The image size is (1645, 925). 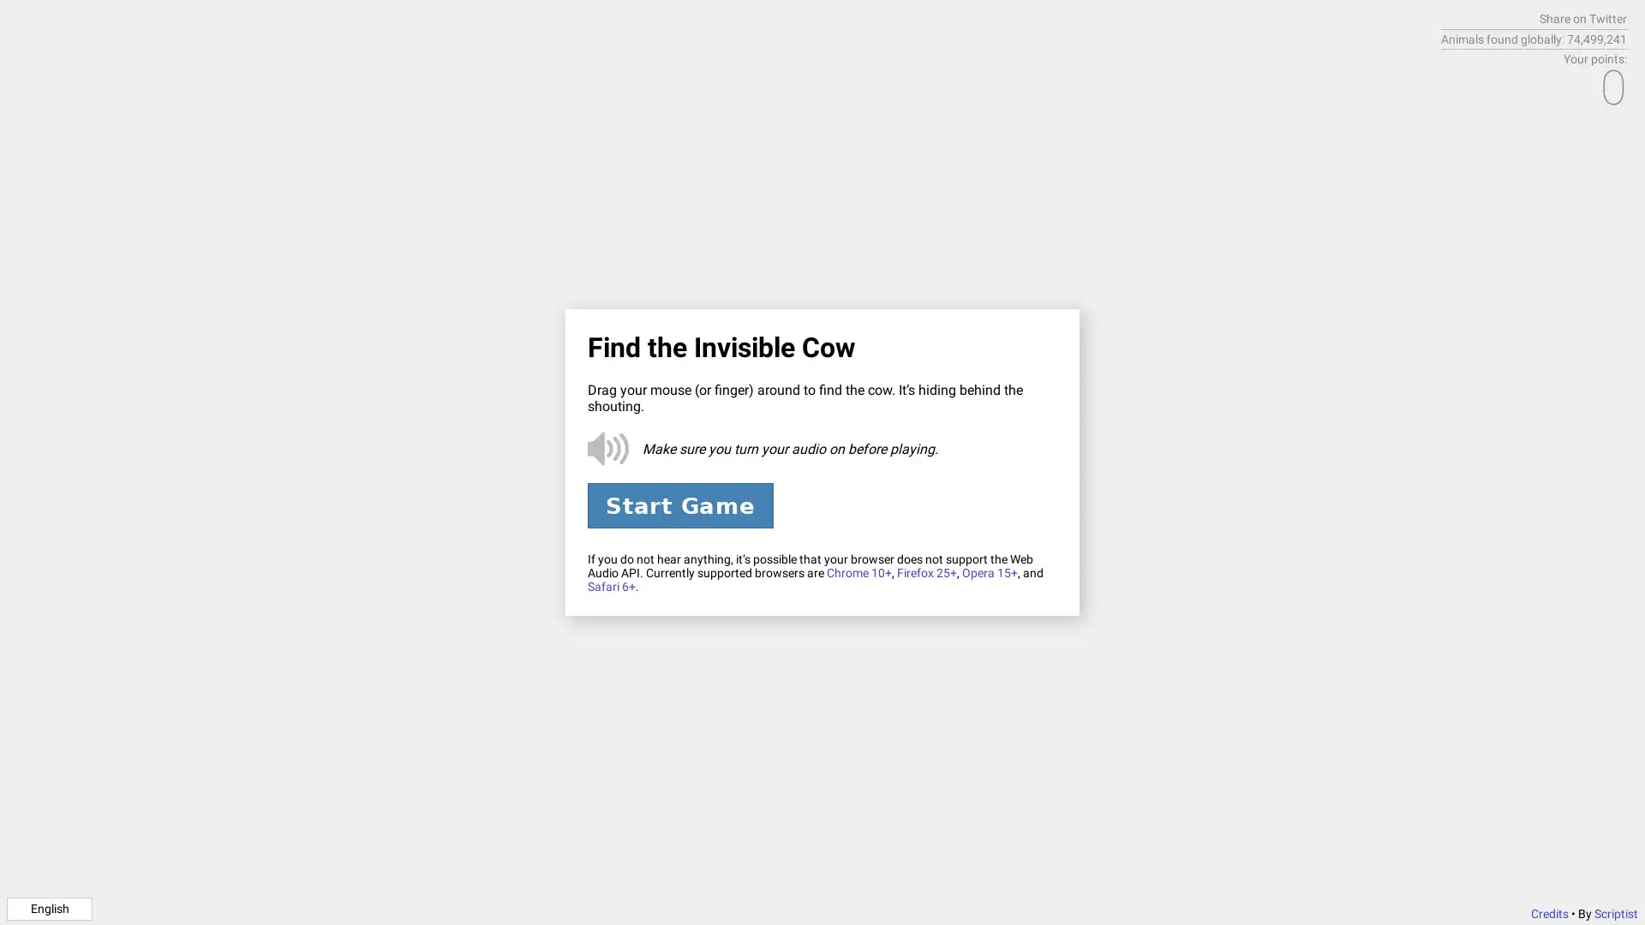 I want to click on English, so click(x=49, y=907).